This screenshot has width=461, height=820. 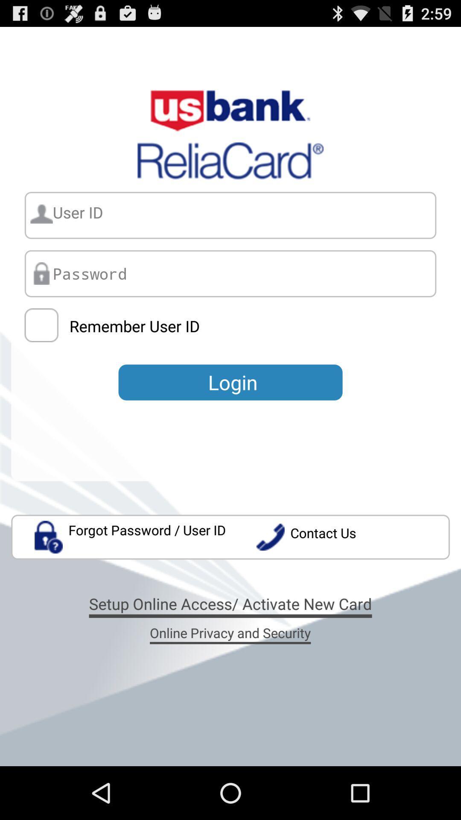 What do you see at coordinates (230, 603) in the screenshot?
I see `the icon below forgot password user app` at bounding box center [230, 603].